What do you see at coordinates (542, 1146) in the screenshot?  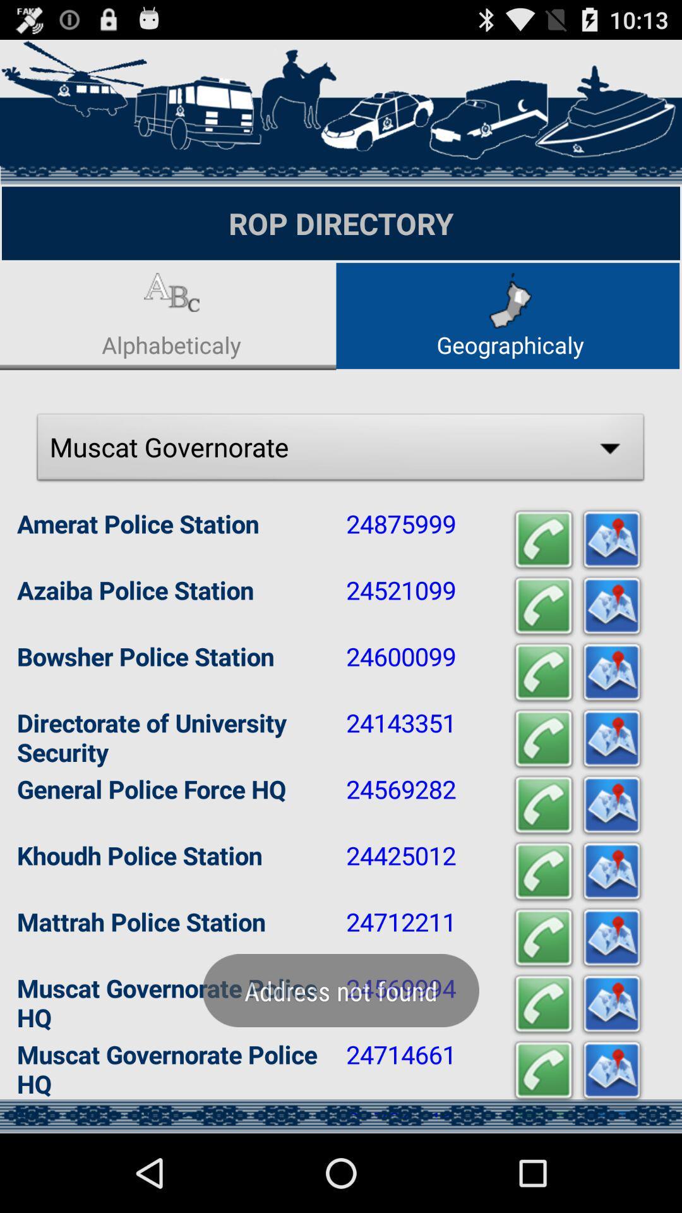 I see `the call icon` at bounding box center [542, 1146].